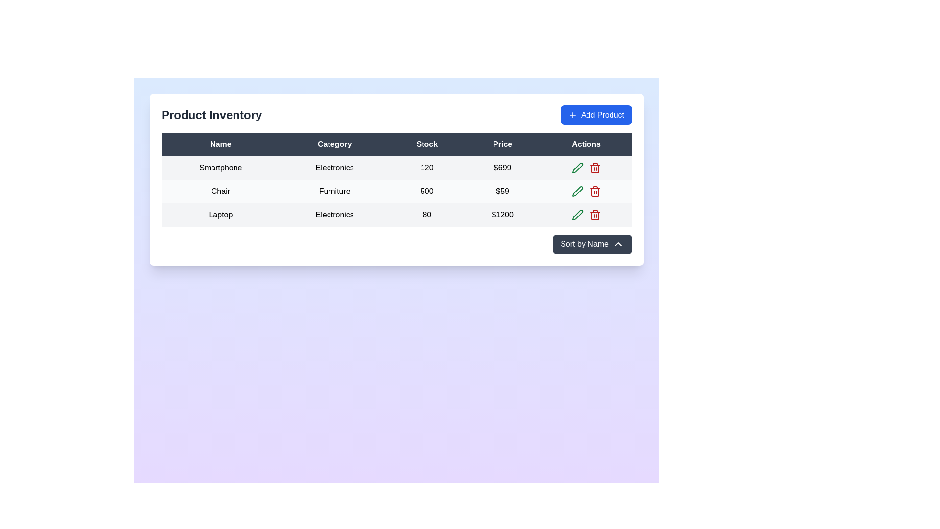 The height and width of the screenshot is (529, 940). What do you see at coordinates (594, 215) in the screenshot?
I see `the red trash bin icon in the 'Actions' column of the table` at bounding box center [594, 215].